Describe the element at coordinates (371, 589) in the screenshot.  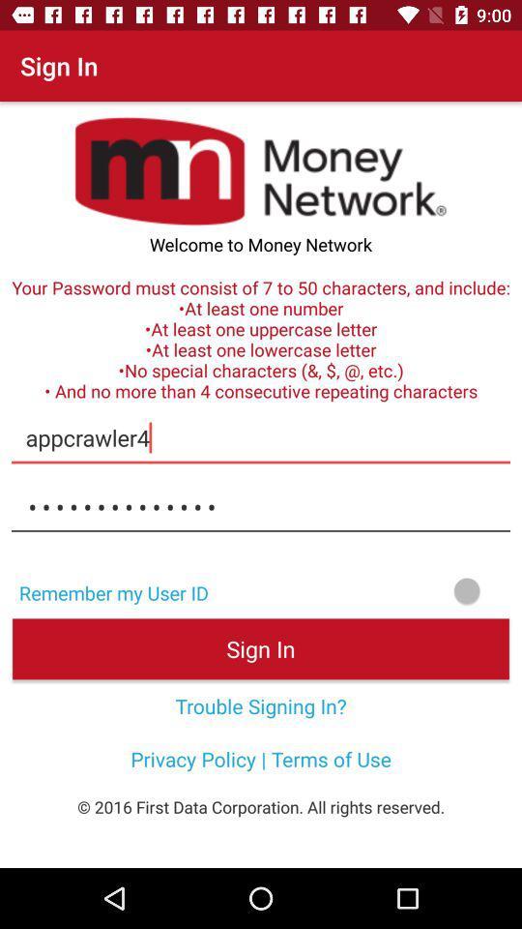
I see `icon above the sign in item` at that location.